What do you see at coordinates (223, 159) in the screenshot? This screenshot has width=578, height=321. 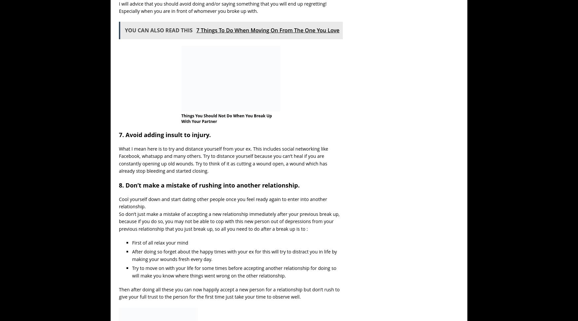 I see `'What I mean here is to try and distance yourself from your ex. This includes social networking like Facebook, whatsapp and many others. Try to distance yourself because you can’t heal if you are constantly opening up old wounds. Try to think of it as cutting a wound open, a wound which has already stop bleeding and started closing.'` at bounding box center [223, 159].